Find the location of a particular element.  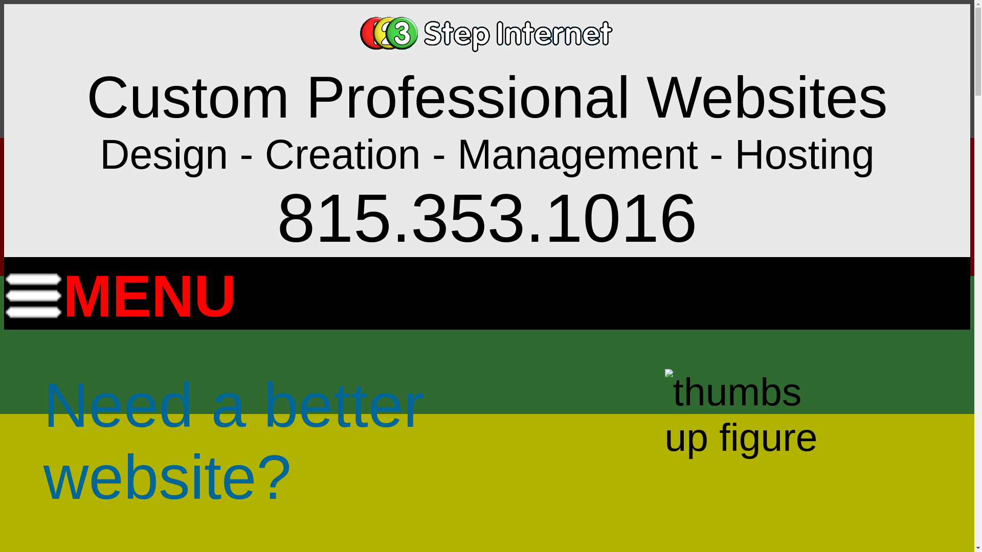

'3 Step Sites Are A-Ok' is located at coordinates (746, 414).